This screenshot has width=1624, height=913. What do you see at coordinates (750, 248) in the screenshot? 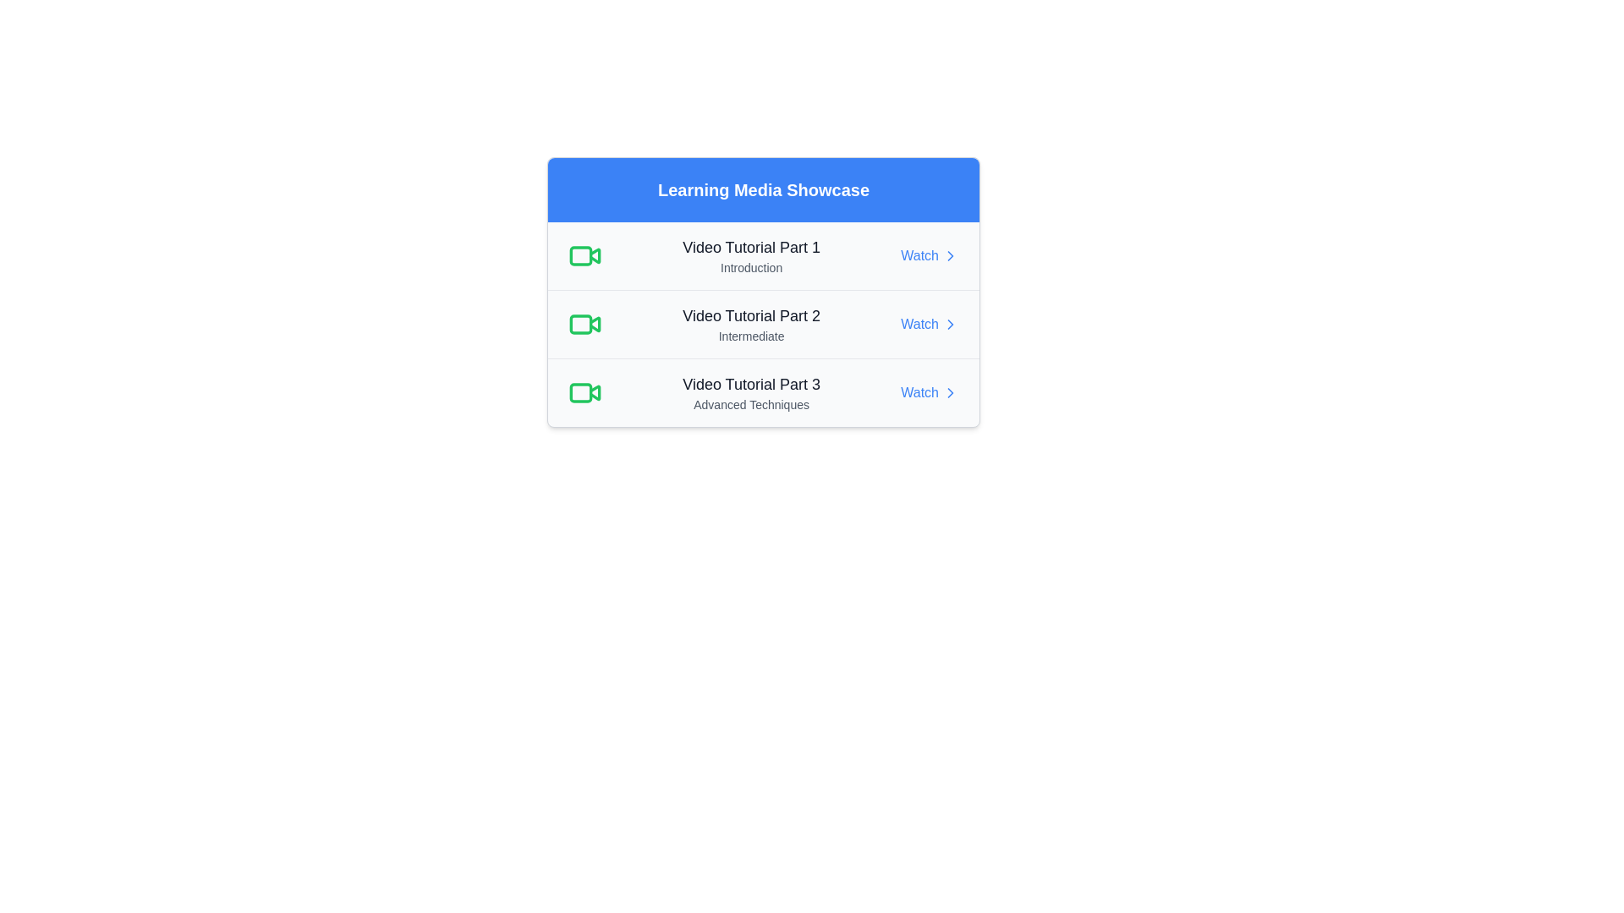
I see `text label displaying 'Video Tutorial Part 1' located at the top-left of the card section titled 'Learning Media Showcase'` at bounding box center [750, 248].